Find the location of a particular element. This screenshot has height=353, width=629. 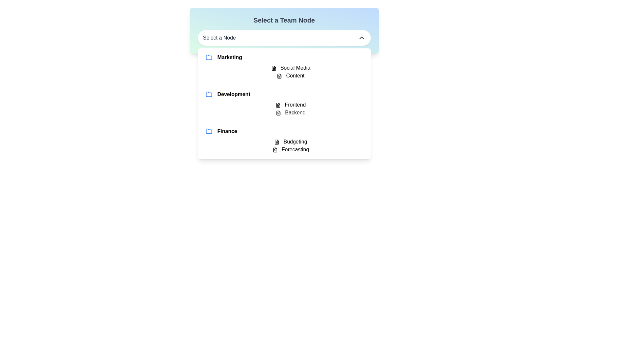

the text label reading 'FrontendBackend' located in the 'Development' section under 'Select a Team Node', which is positioned between 'Marketing' and 'Finance' is located at coordinates (284, 108).